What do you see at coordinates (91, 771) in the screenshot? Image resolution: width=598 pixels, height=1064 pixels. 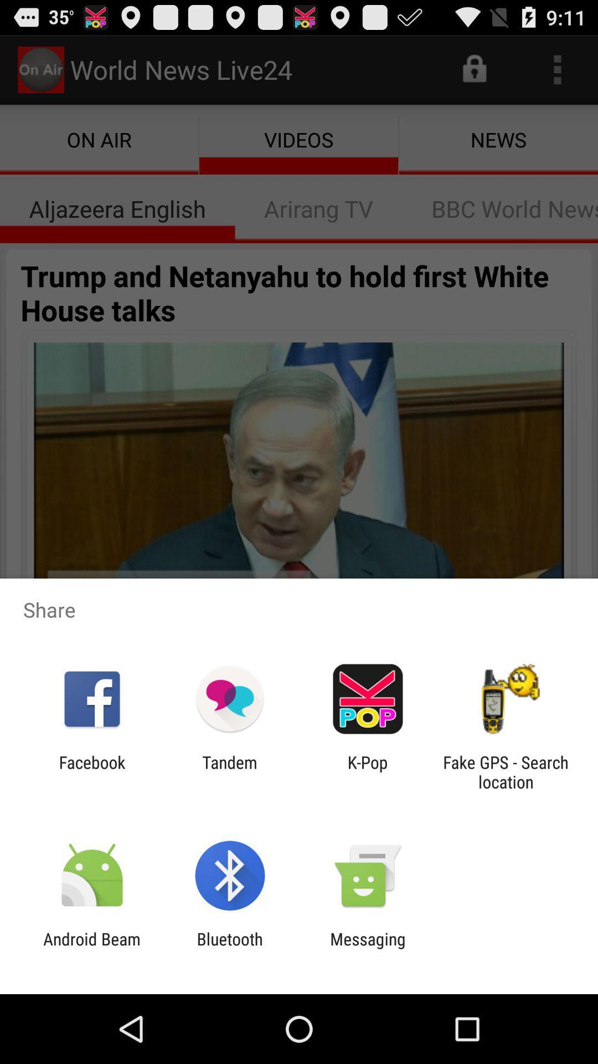 I see `facebook app` at bounding box center [91, 771].